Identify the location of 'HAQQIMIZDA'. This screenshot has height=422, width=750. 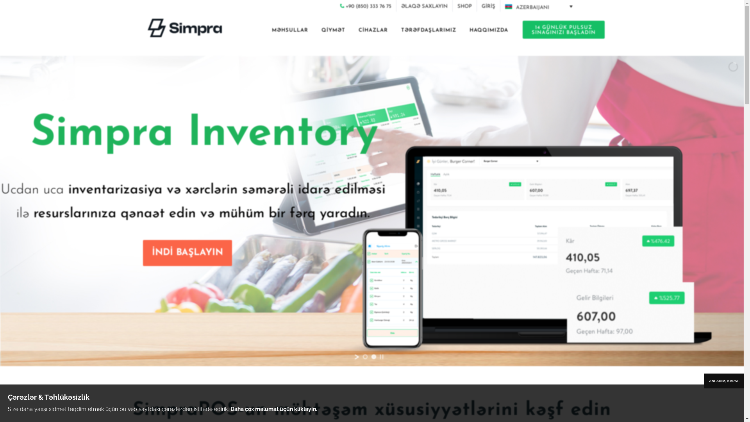
(488, 31).